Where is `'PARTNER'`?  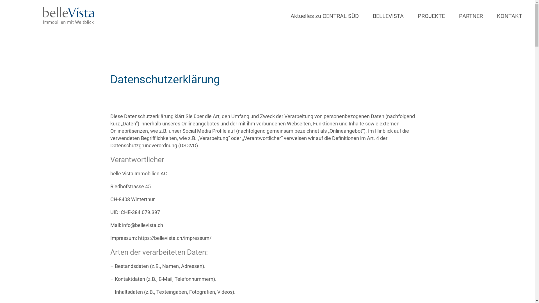
'PARTNER' is located at coordinates (455, 9).